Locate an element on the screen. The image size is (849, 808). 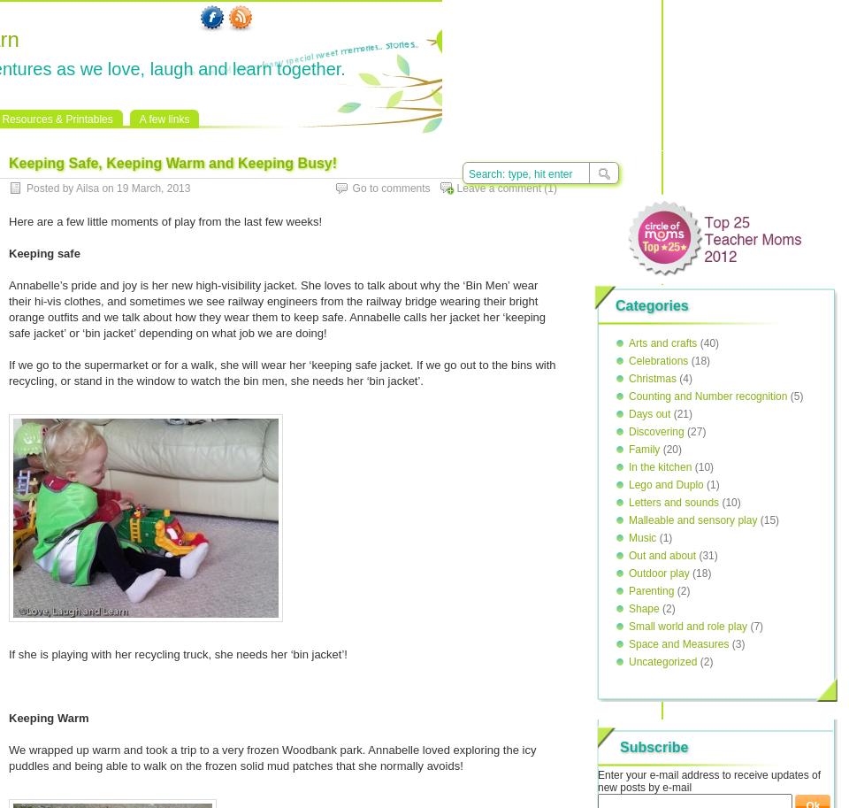
'Subscribe' is located at coordinates (619, 747).